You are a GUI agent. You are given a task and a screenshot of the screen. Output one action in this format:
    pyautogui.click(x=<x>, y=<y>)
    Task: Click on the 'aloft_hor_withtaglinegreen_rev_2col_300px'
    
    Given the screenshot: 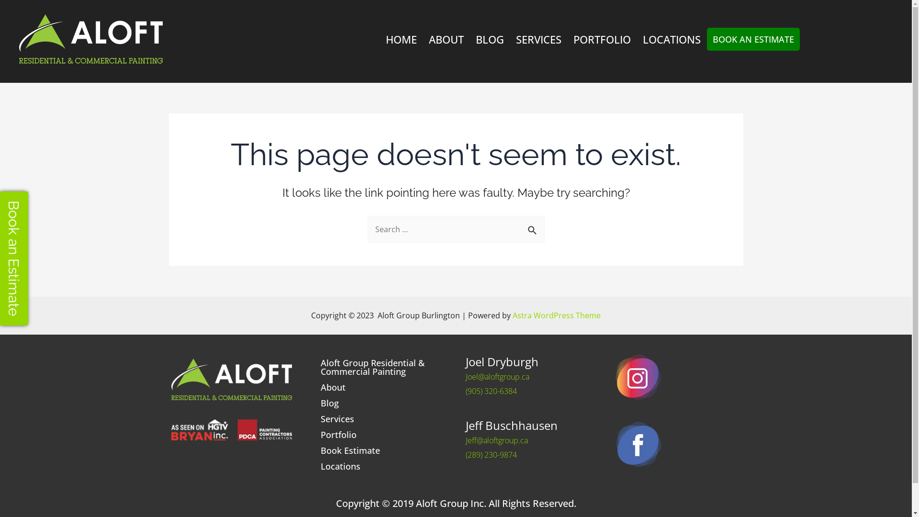 What is the action you would take?
    pyautogui.click(x=91, y=38)
    